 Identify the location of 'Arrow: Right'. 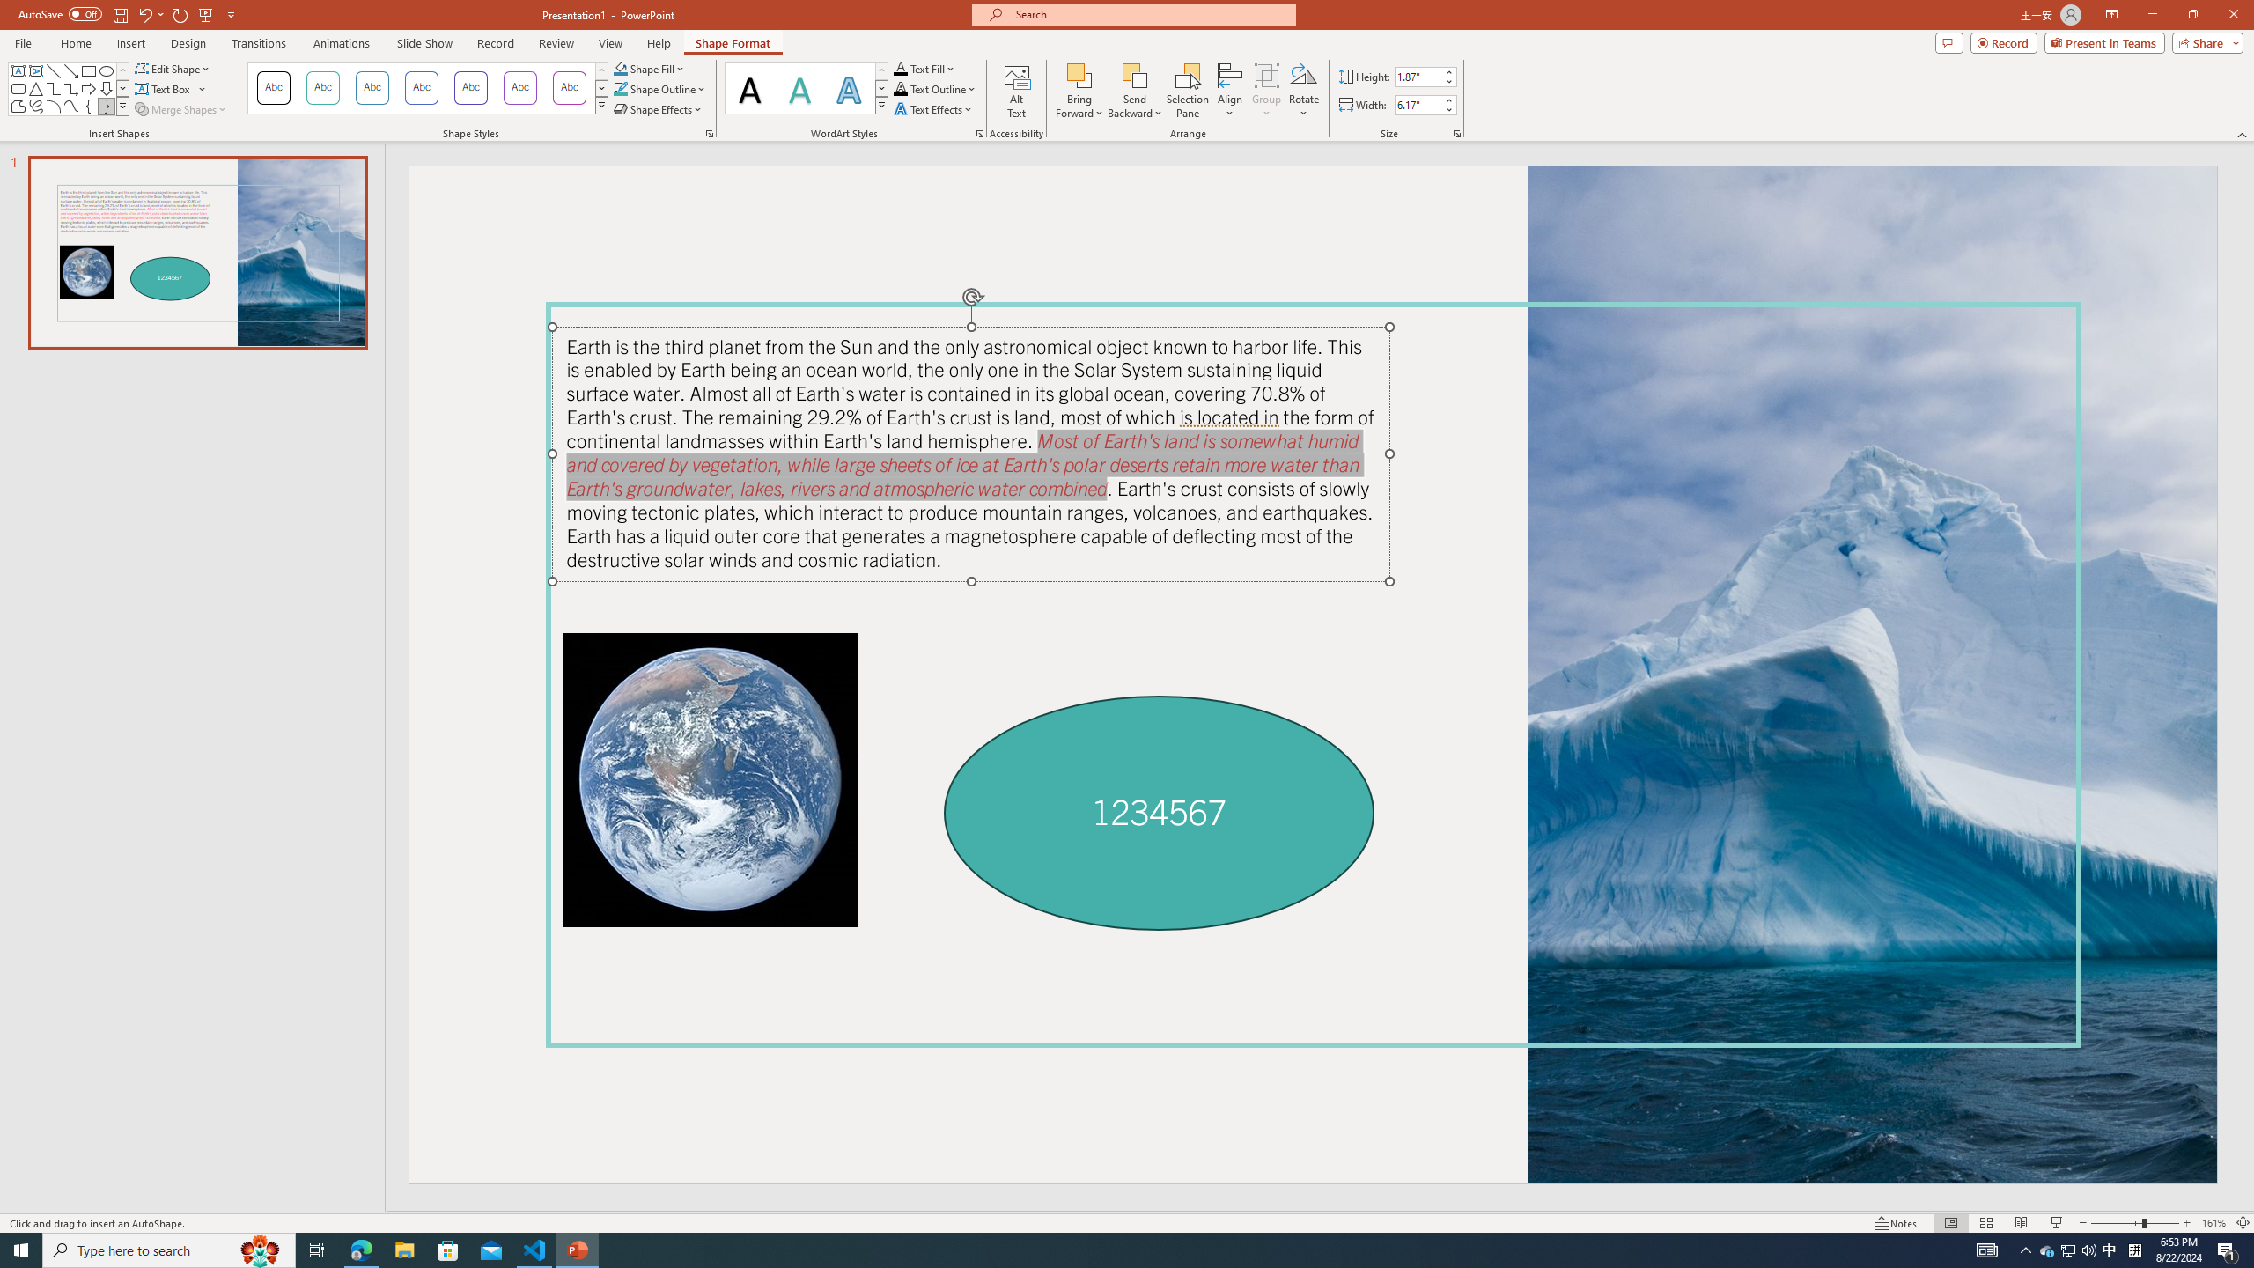
(89, 87).